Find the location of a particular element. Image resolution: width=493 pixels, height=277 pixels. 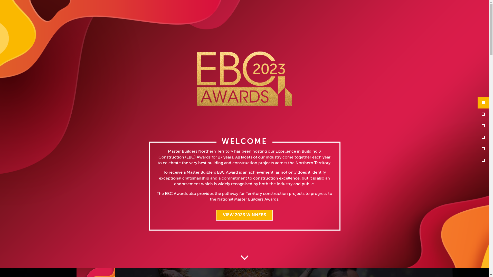

'VIEW 2023 WINNERS' is located at coordinates (244, 215).